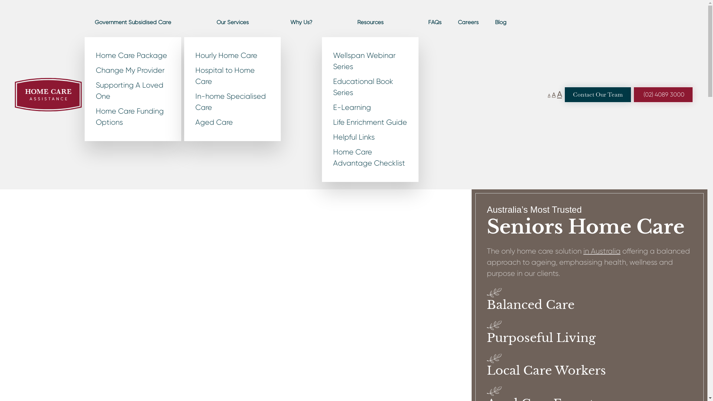 The height and width of the screenshot is (401, 713). Describe the element at coordinates (133, 55) in the screenshot. I see `'Home Care Package'` at that location.